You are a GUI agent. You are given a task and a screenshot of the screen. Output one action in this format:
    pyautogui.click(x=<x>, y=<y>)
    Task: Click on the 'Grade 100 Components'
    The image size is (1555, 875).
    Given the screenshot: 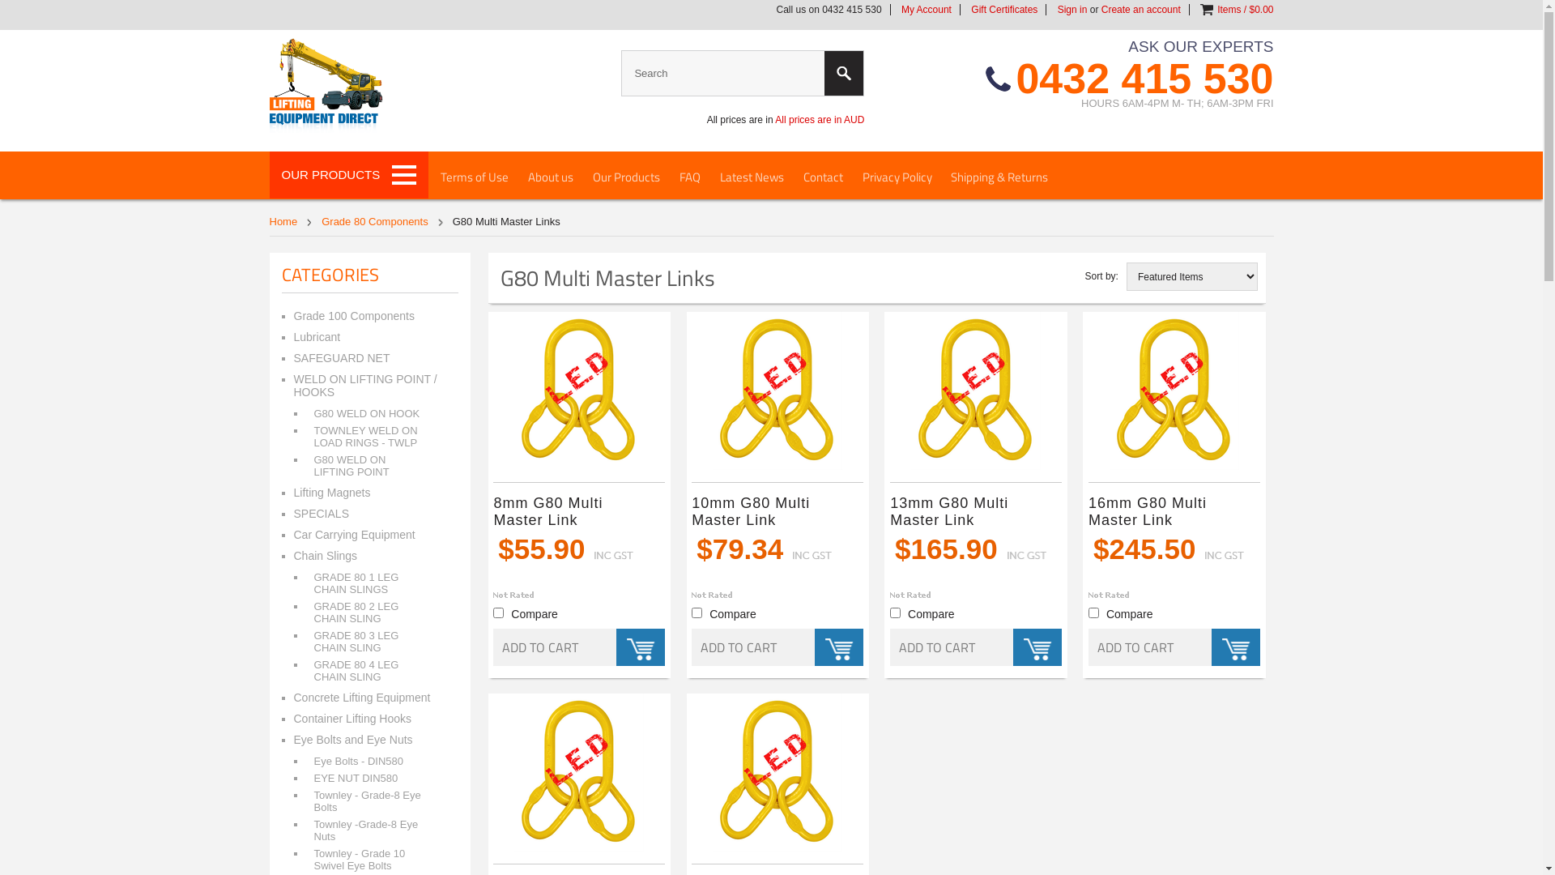 What is the action you would take?
    pyautogui.click(x=292, y=315)
    